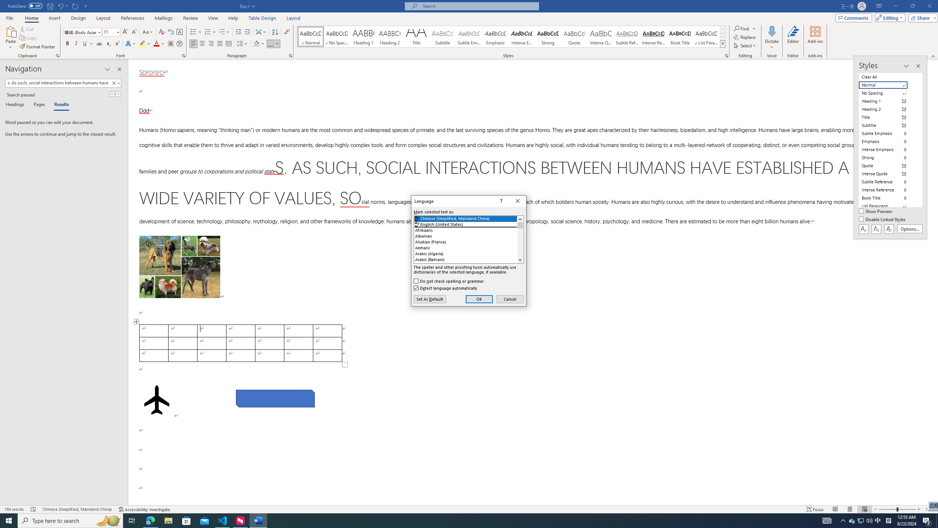  Describe the element at coordinates (449, 280) in the screenshot. I see `'Do not check spelling or grammar'` at that location.